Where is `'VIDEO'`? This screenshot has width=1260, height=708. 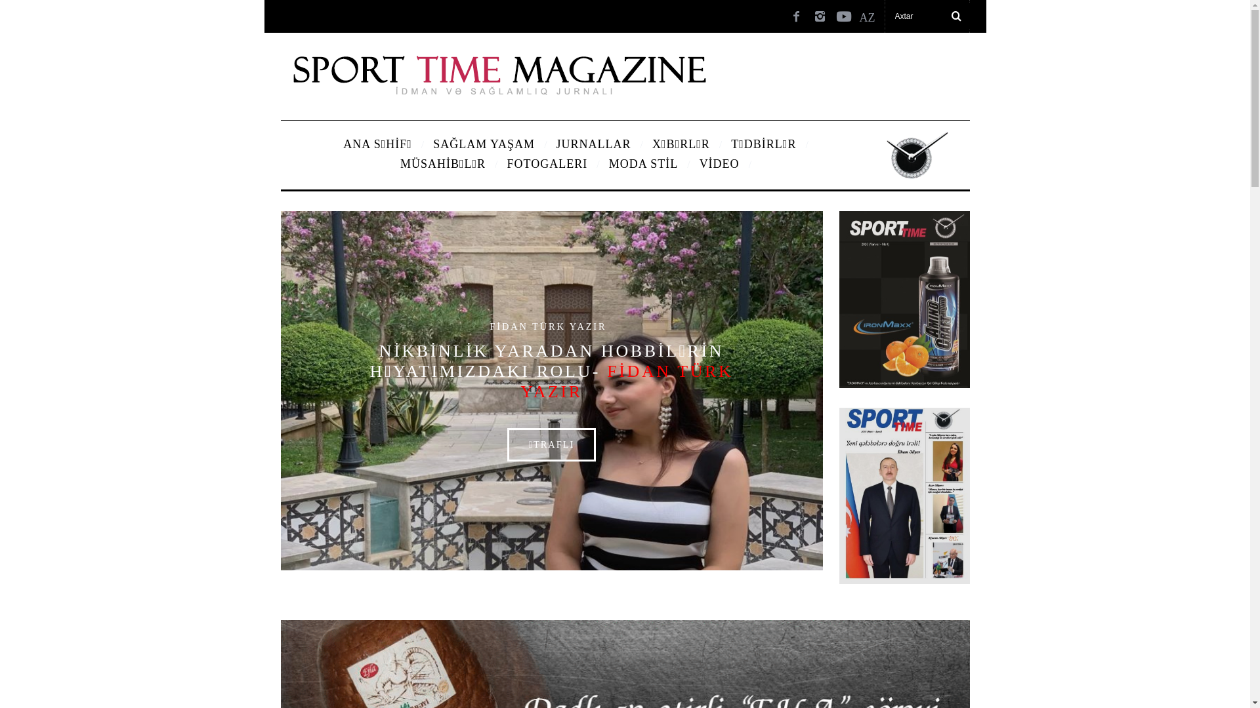 'VIDEO' is located at coordinates (719, 163).